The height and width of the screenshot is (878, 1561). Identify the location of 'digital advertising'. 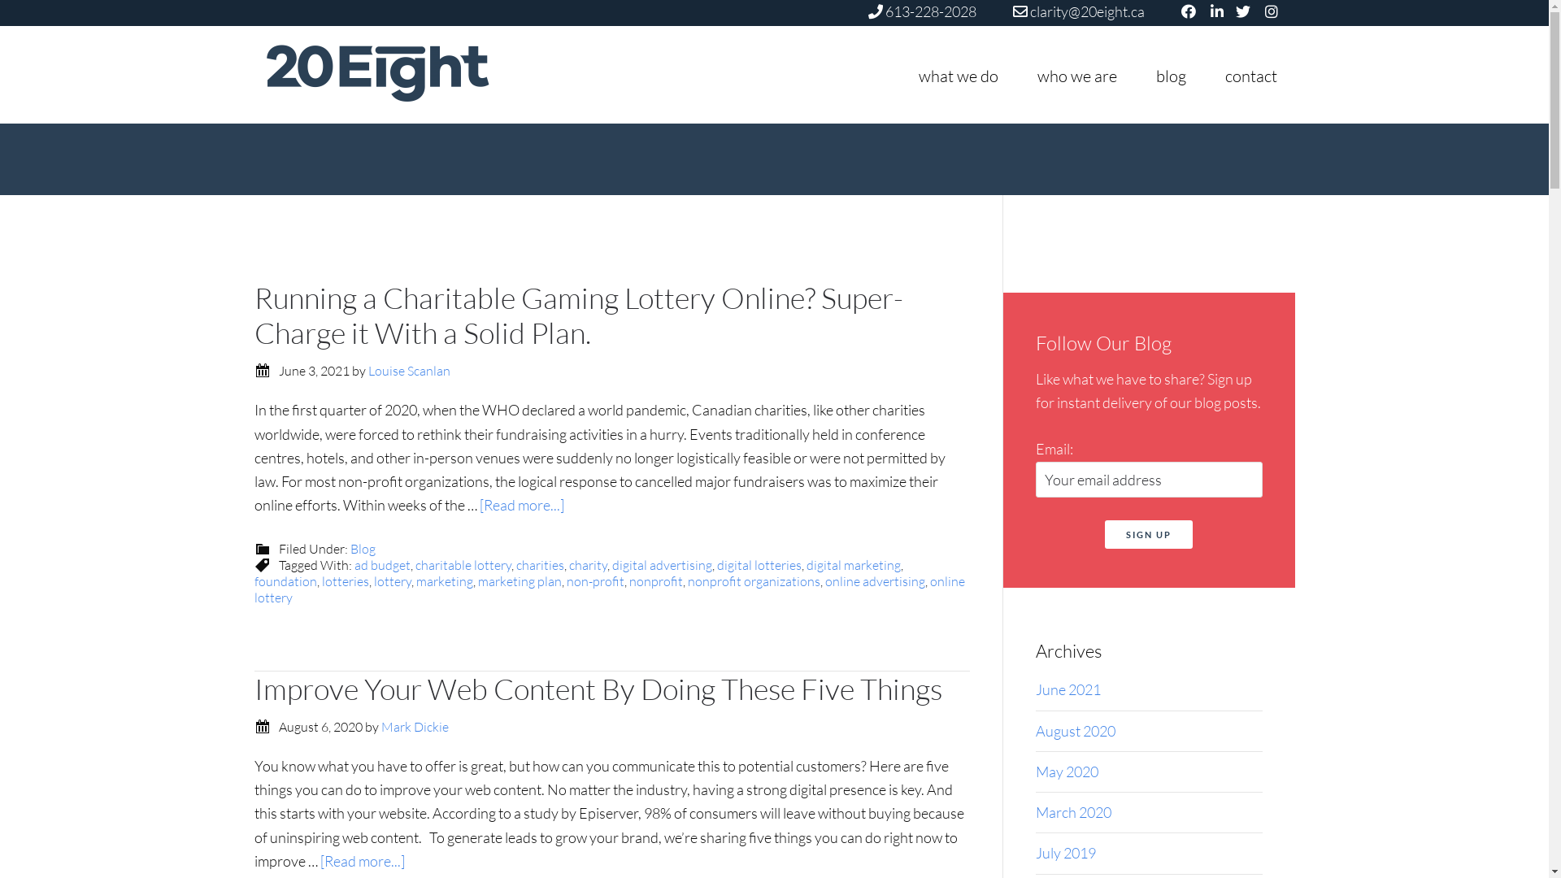
(661, 563).